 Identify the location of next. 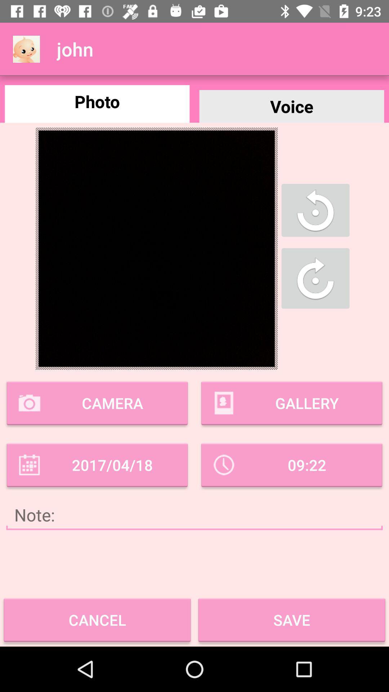
(315, 278).